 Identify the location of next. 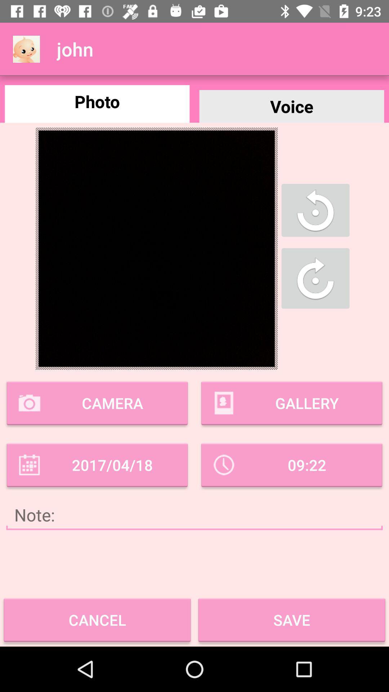
(315, 278).